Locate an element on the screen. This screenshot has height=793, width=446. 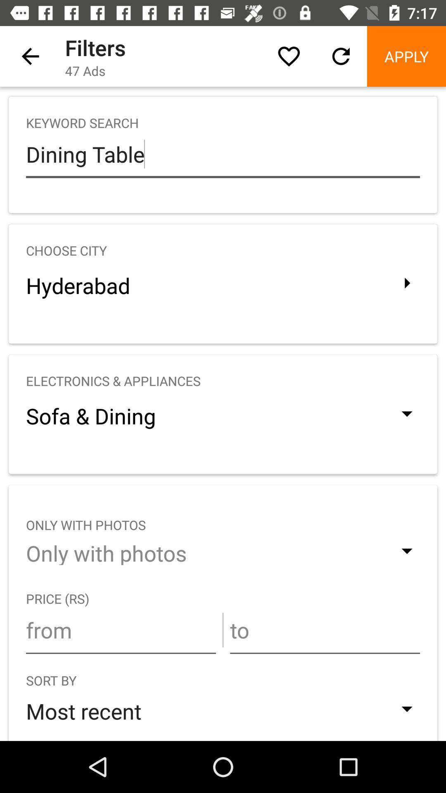
the hyderabad icon is located at coordinates (223, 285).